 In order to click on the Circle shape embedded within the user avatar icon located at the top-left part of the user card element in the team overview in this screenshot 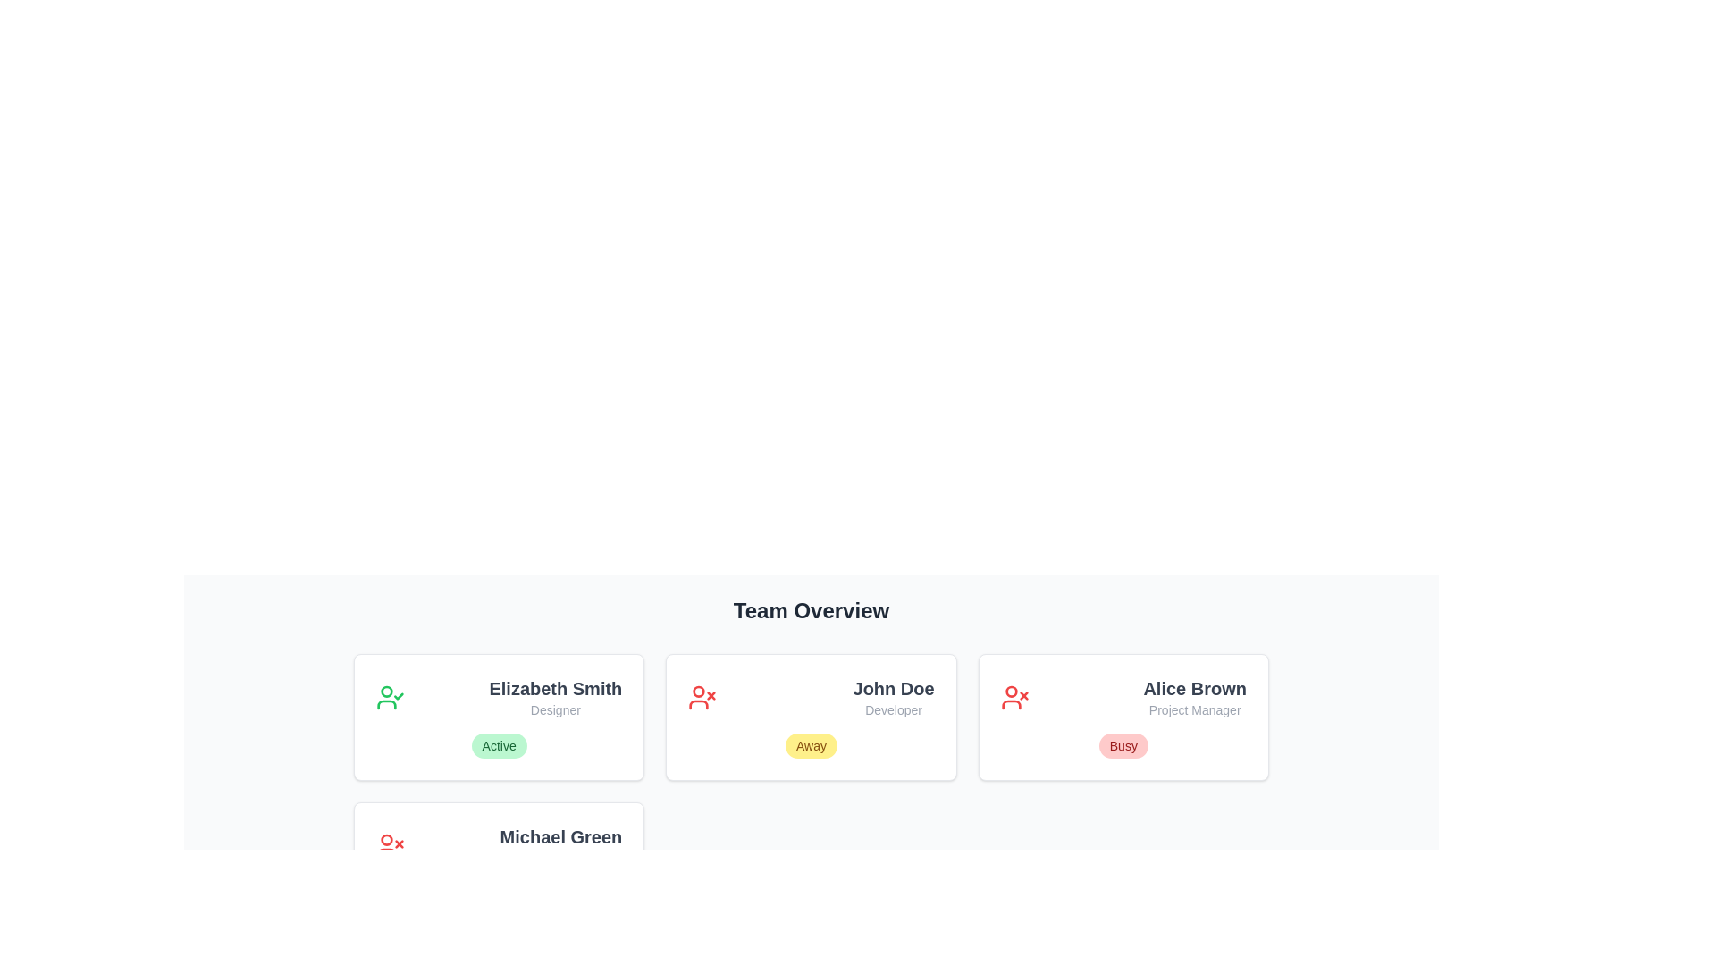, I will do `click(698, 691)`.